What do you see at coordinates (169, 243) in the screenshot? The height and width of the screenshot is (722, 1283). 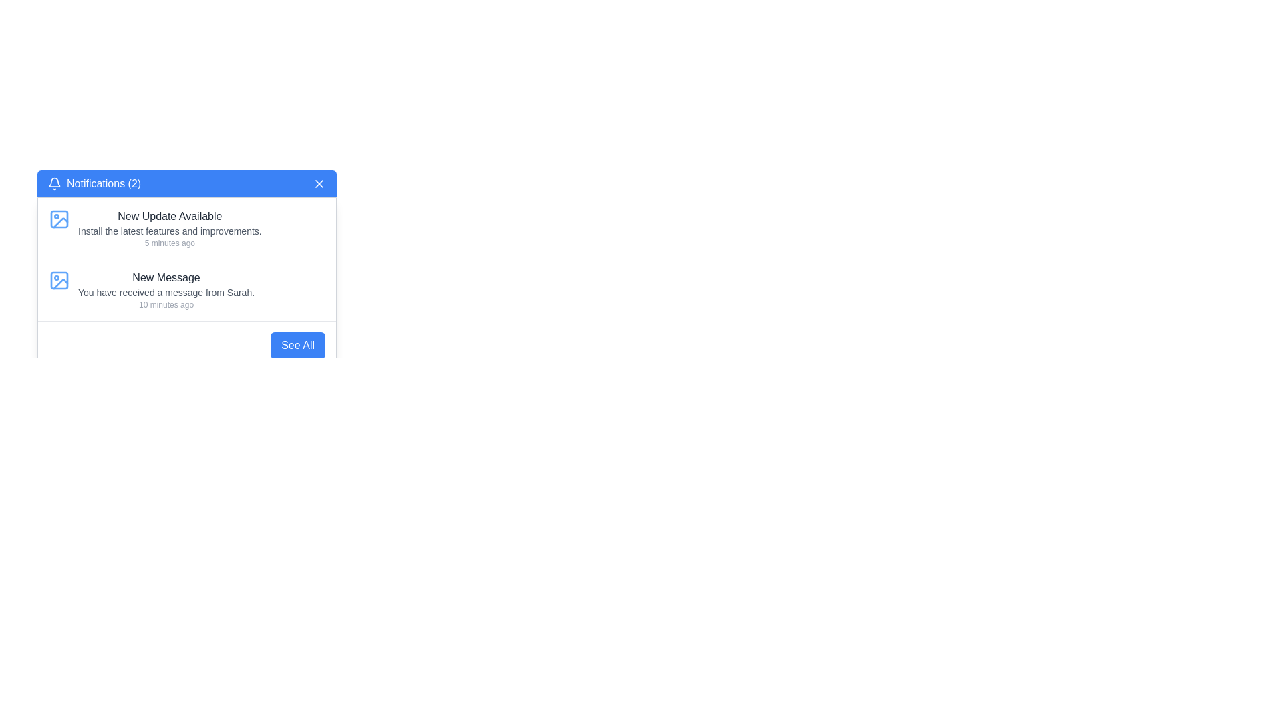 I see `text label displaying '5 minutes ago' located in the notification panel, which is styled in light gray and serves as a timestamp` at bounding box center [169, 243].